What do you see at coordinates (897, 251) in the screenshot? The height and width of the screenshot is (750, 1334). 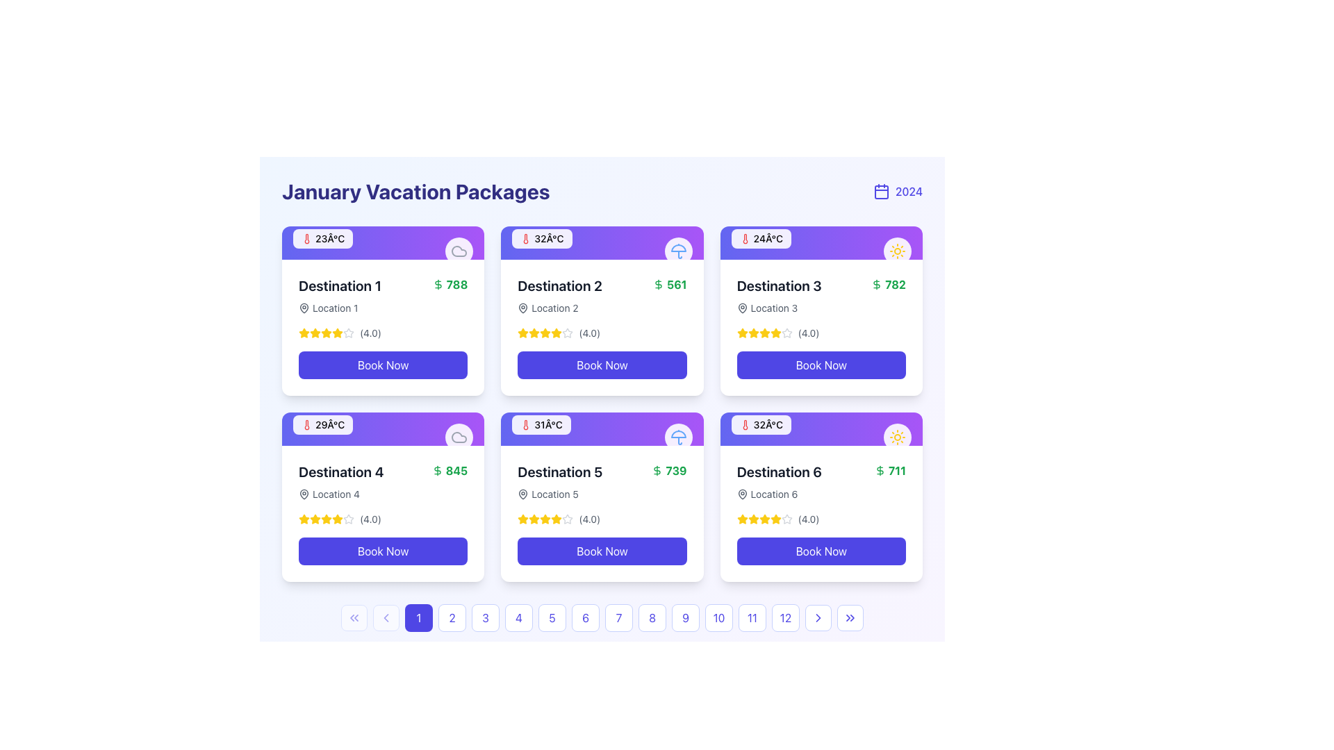 I see `the stylized sun icon, which has a circular yellow center and symmetric rays, located in the top-right corner of the main interface` at bounding box center [897, 251].